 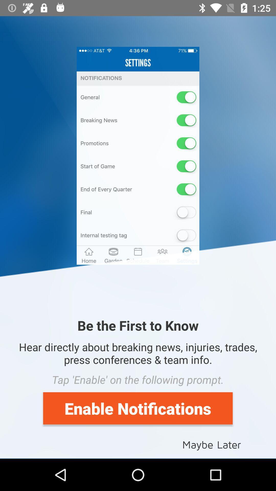 What do you see at coordinates (137, 408) in the screenshot?
I see `the enable notifications icon` at bounding box center [137, 408].